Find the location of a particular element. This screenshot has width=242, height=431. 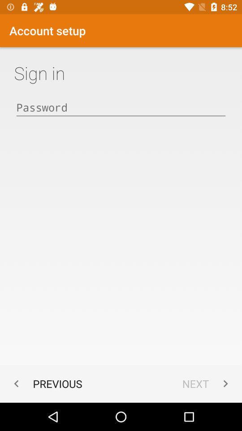

the item at the bottom right corner is located at coordinates (207, 383).